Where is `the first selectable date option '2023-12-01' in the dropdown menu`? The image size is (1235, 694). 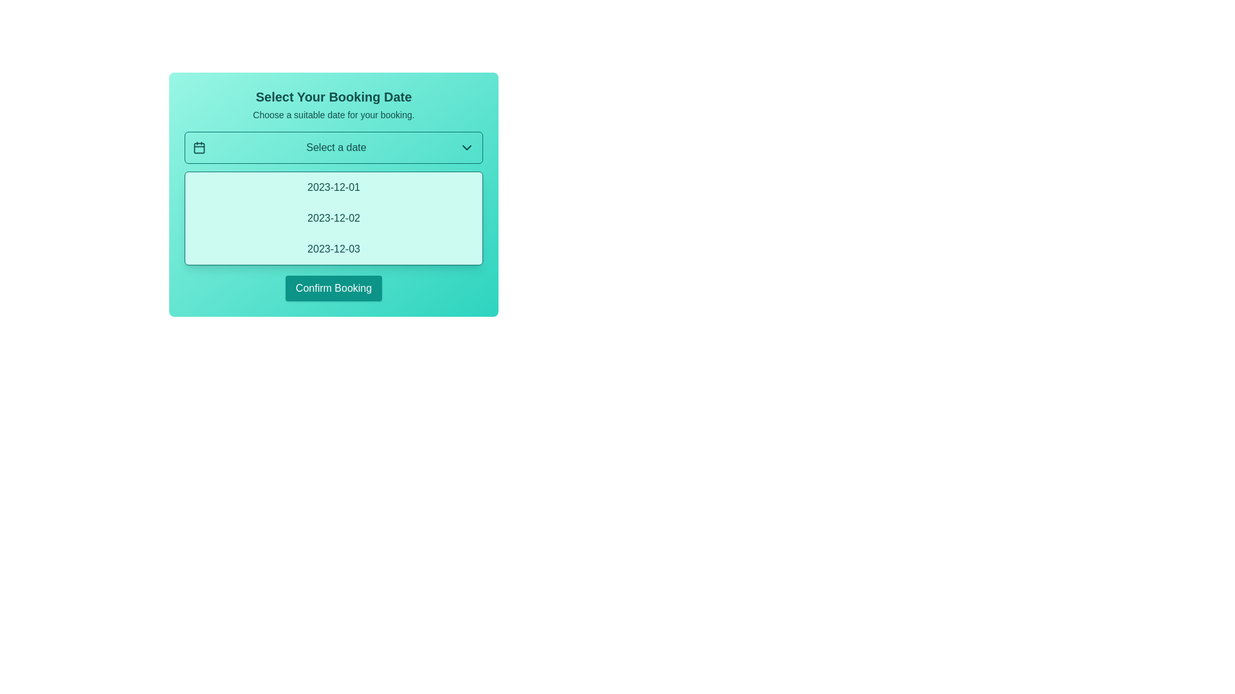 the first selectable date option '2023-12-01' in the dropdown menu is located at coordinates (333, 188).